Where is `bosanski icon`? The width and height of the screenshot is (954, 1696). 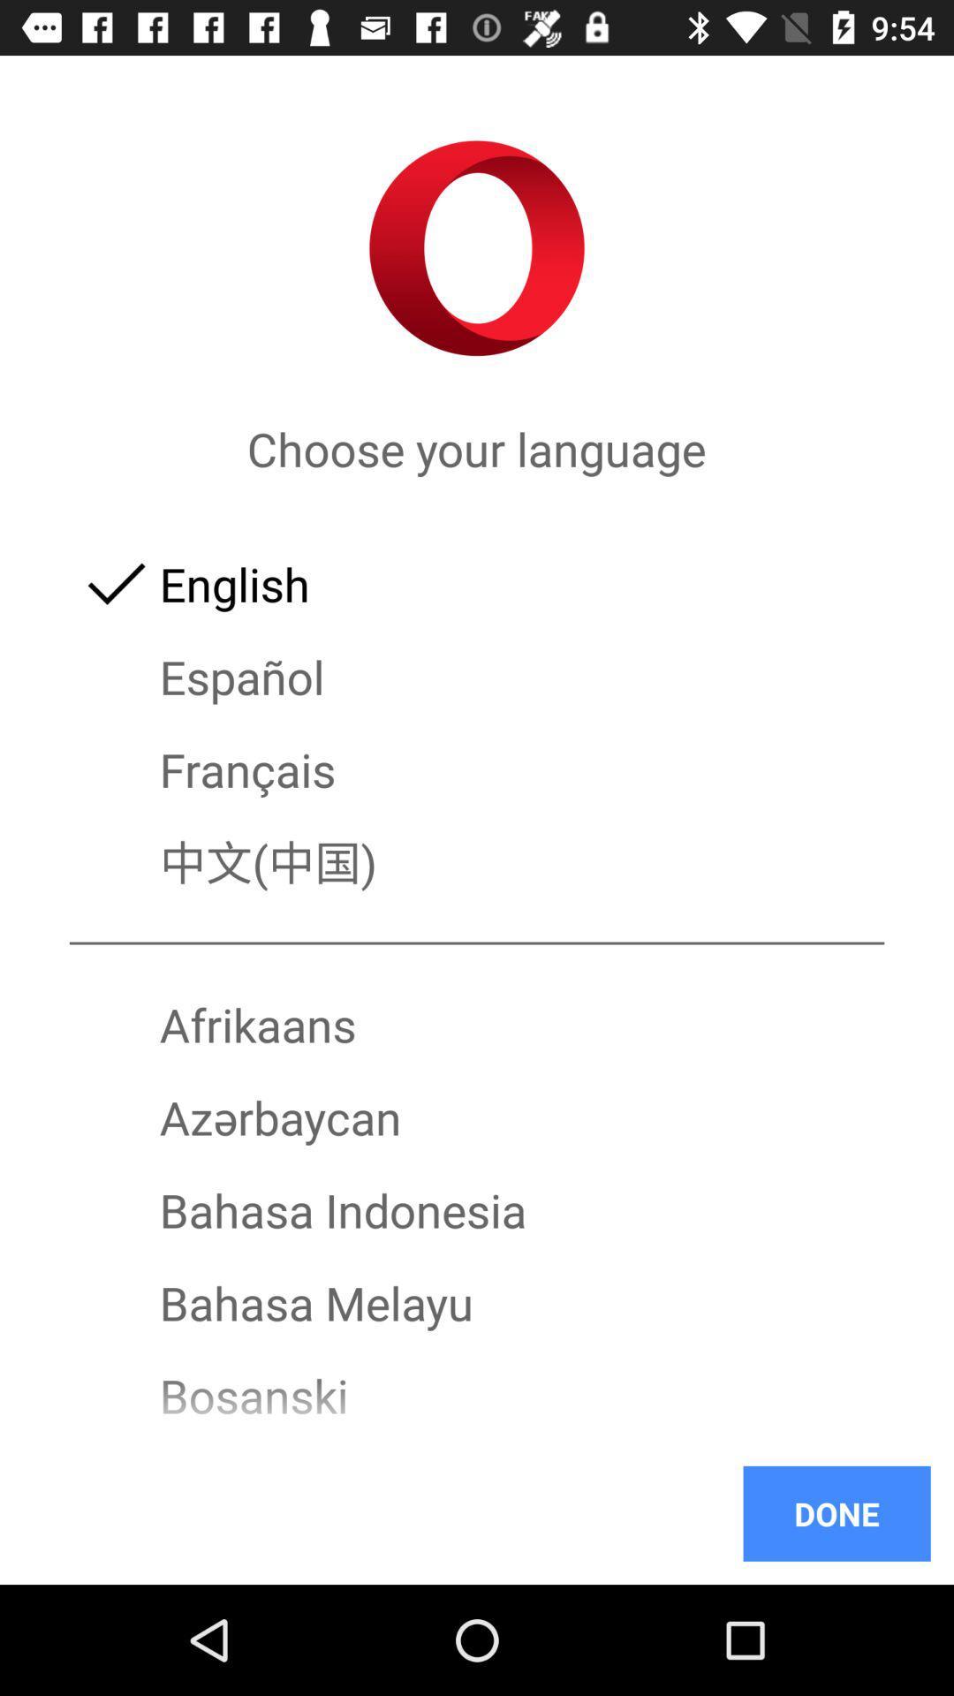 bosanski icon is located at coordinates (477, 1395).